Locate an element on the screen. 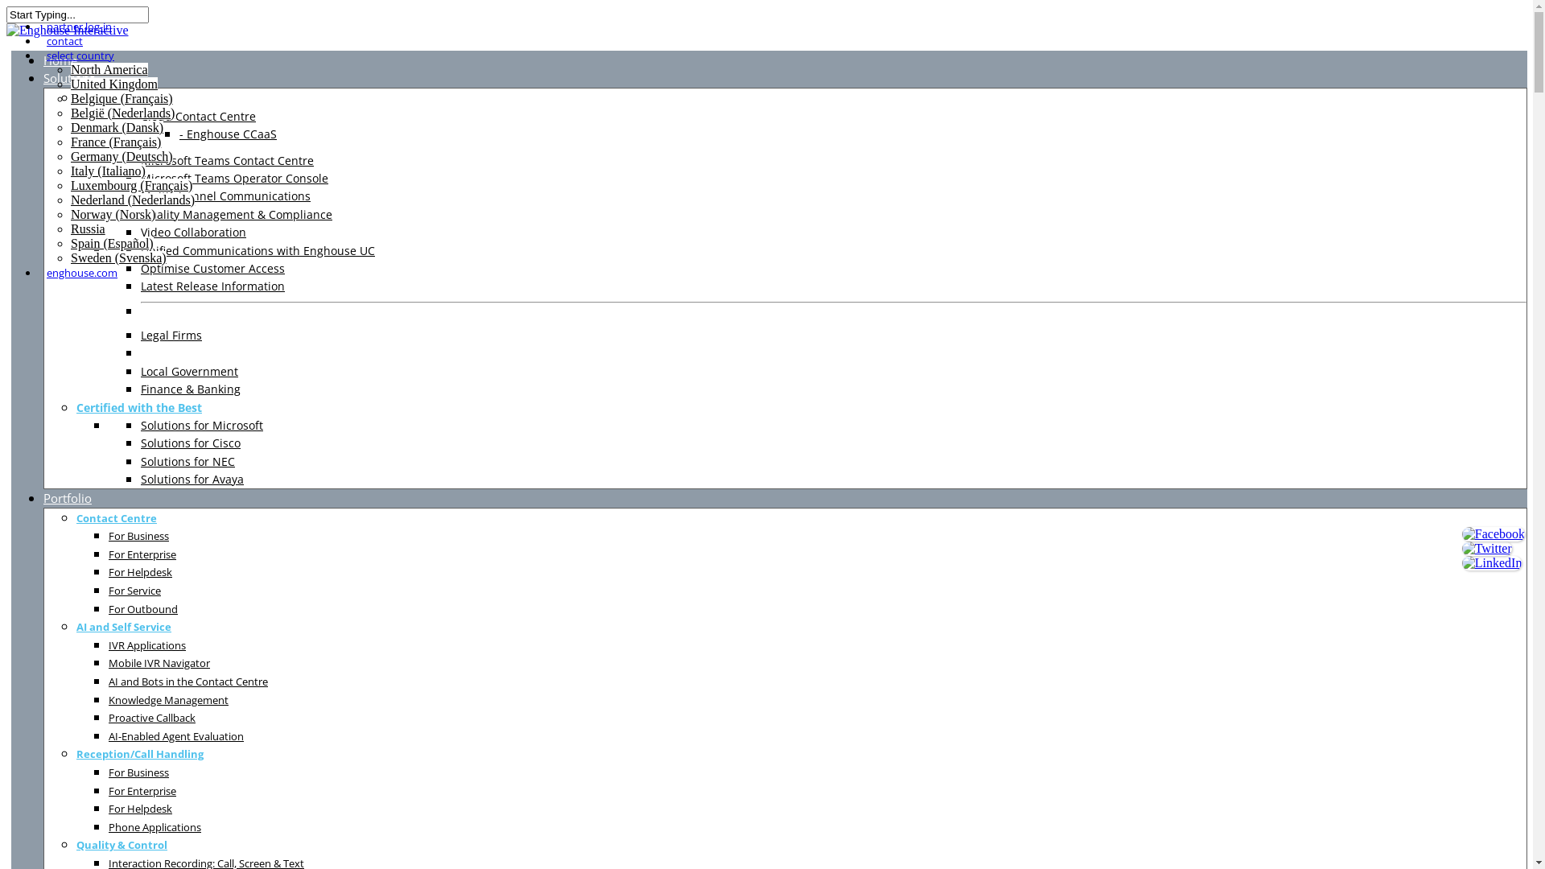 This screenshot has height=869, width=1545. 'Portfolio' is located at coordinates (66, 496).